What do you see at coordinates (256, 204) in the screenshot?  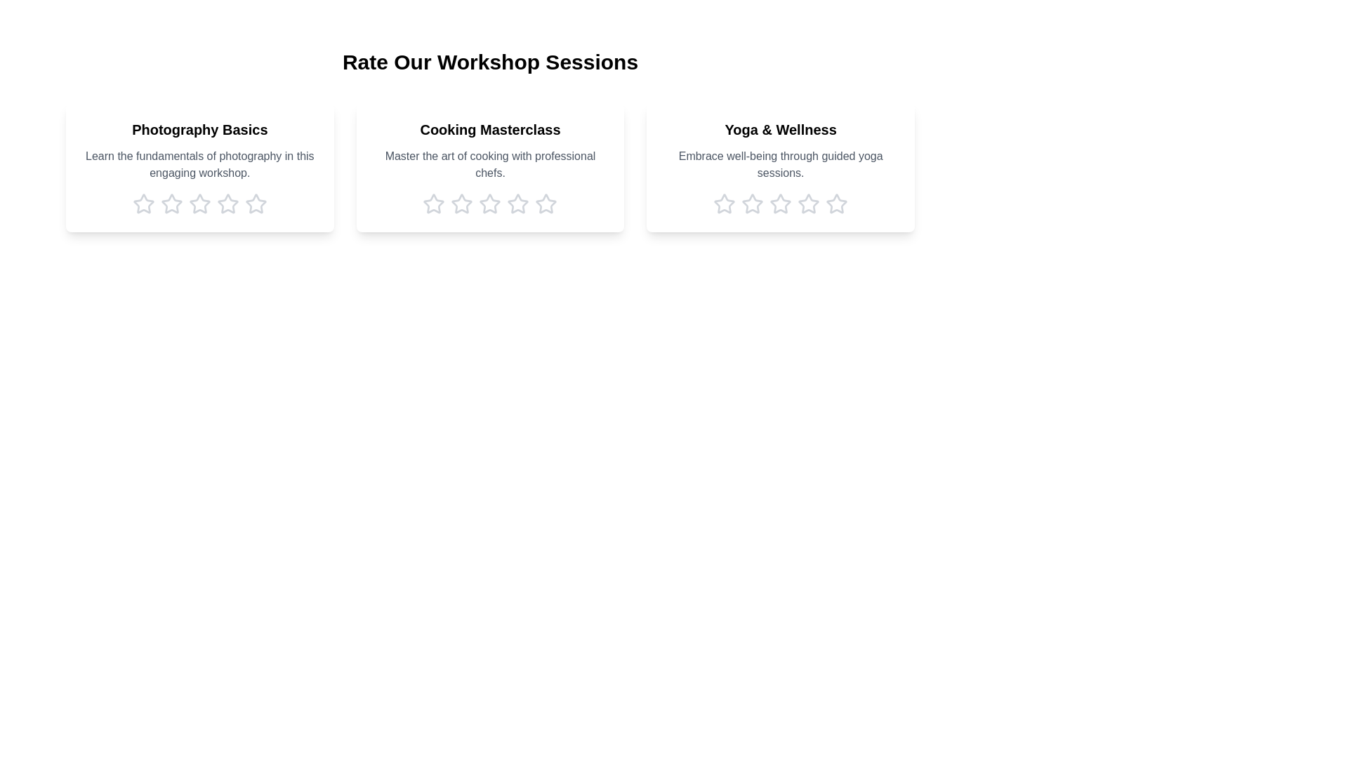 I see `the 5 star for the specified workshop to preview the selection` at bounding box center [256, 204].